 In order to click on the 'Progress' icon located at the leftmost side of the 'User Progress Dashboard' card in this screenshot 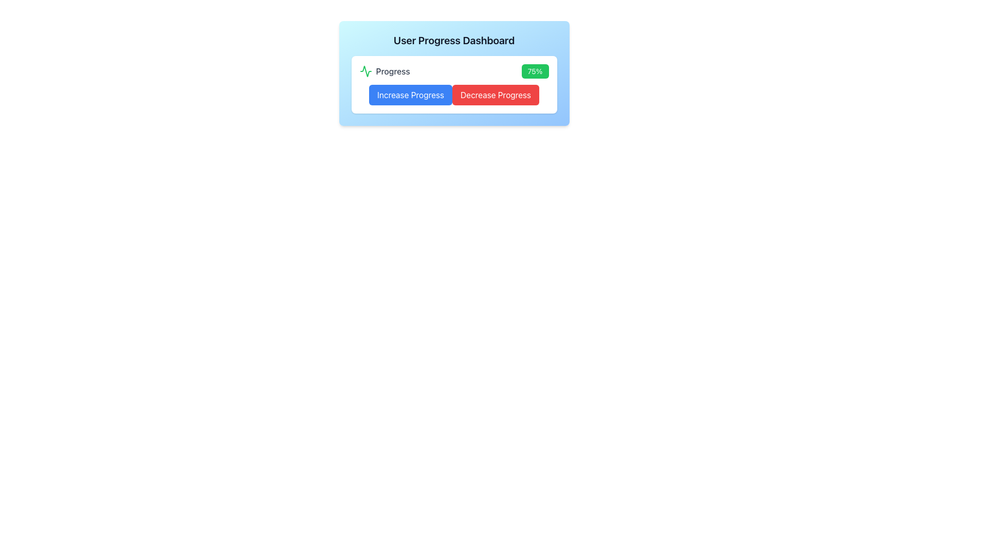, I will do `click(365, 70)`.